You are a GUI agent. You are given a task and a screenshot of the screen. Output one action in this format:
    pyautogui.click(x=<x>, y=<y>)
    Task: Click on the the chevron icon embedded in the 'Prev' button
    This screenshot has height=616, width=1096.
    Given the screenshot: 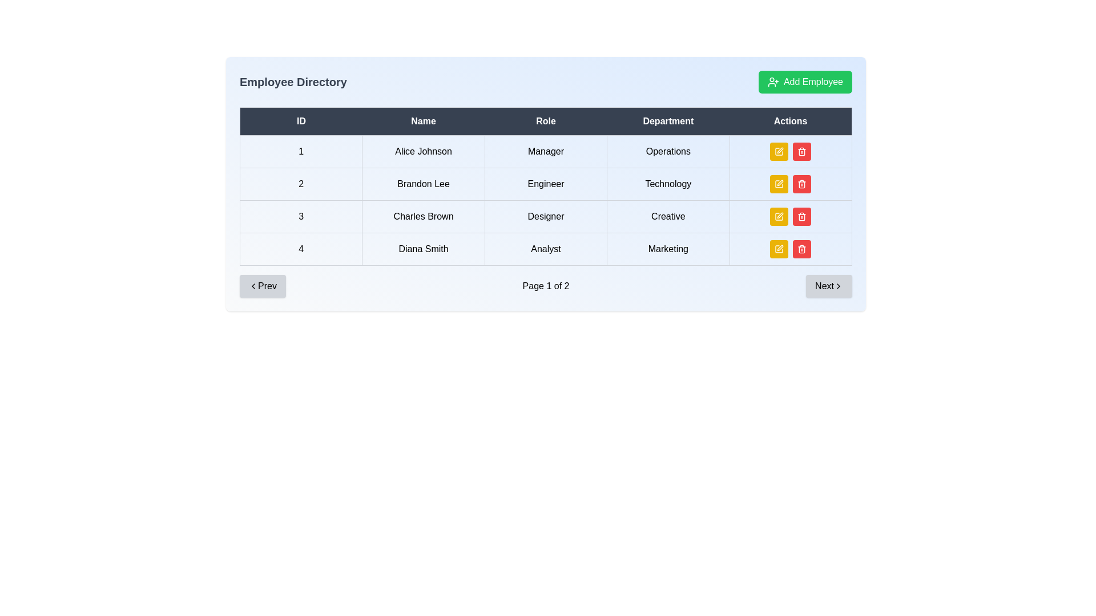 What is the action you would take?
    pyautogui.click(x=253, y=285)
    